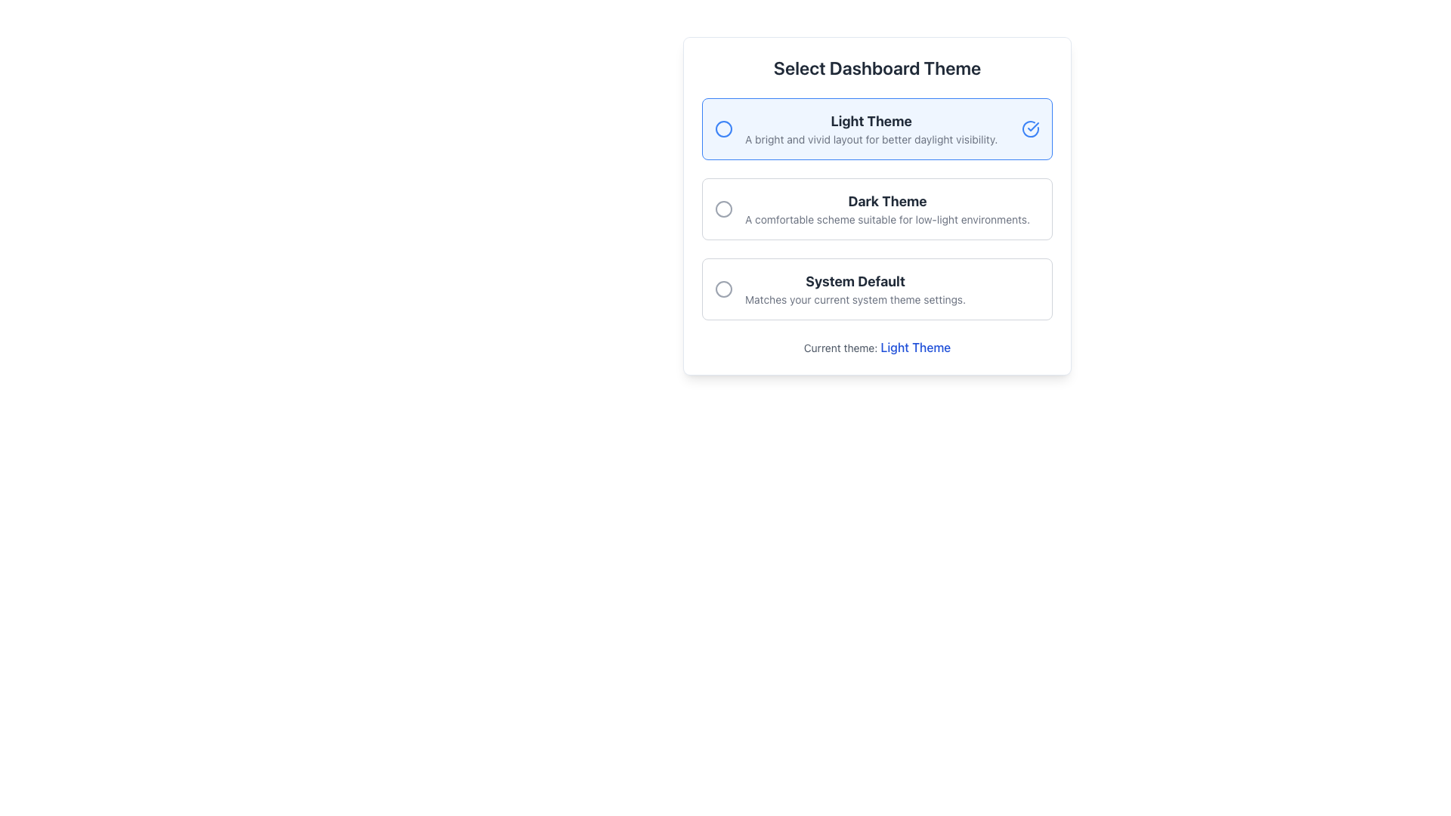  What do you see at coordinates (840, 348) in the screenshot?
I see `the text label reading 'Current theme:' which is styled in gray and located just above the 'Light Theme' text` at bounding box center [840, 348].